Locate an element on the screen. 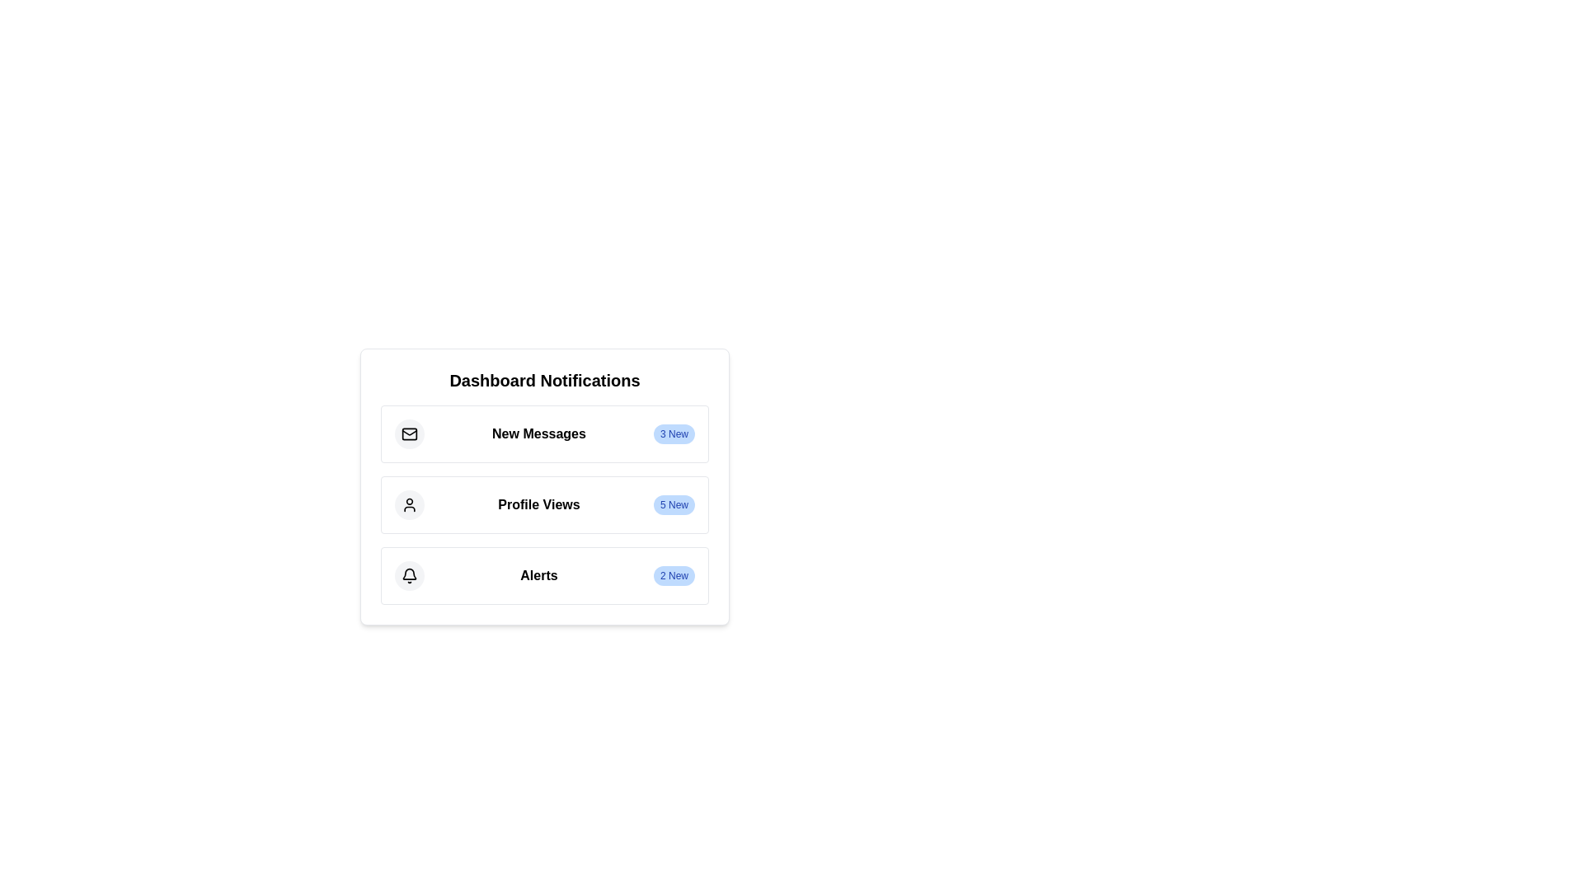  the text label displaying 'Alerts', which is styled in bold and positioned as the main text label for the third item in the notification list is located at coordinates (538, 574).